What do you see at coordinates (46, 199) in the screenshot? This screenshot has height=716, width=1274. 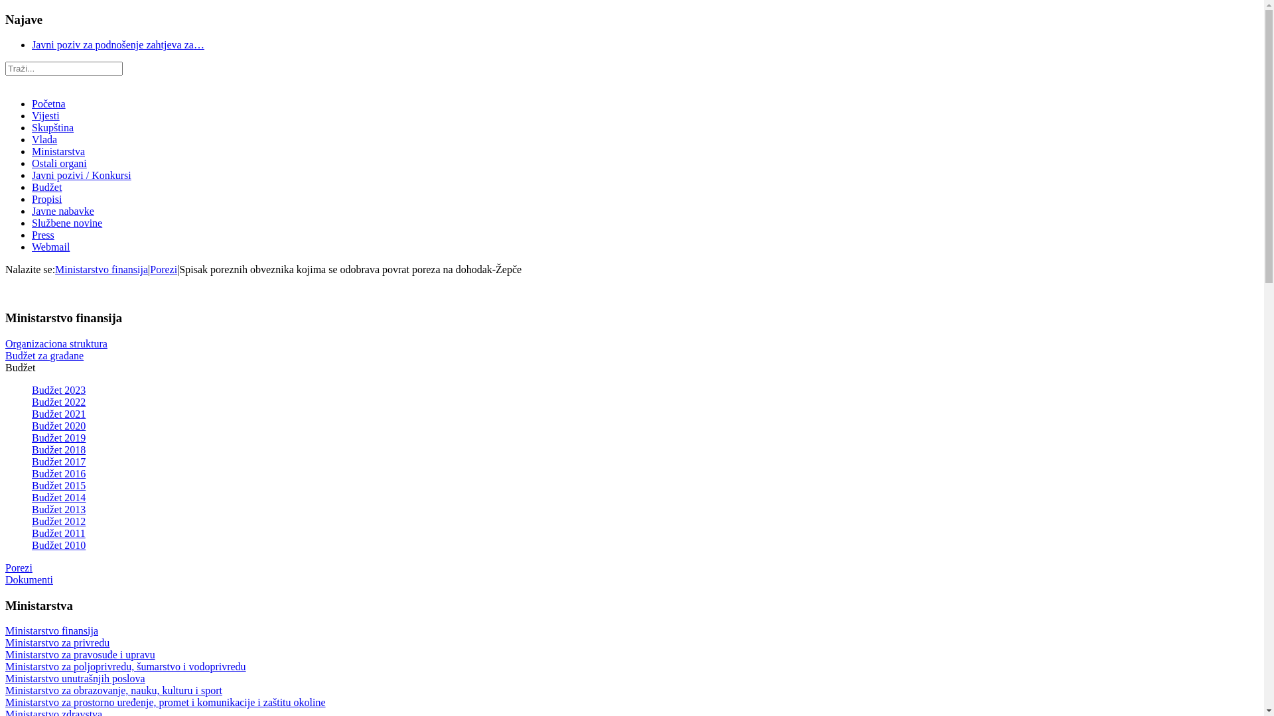 I see `'Propisi'` at bounding box center [46, 199].